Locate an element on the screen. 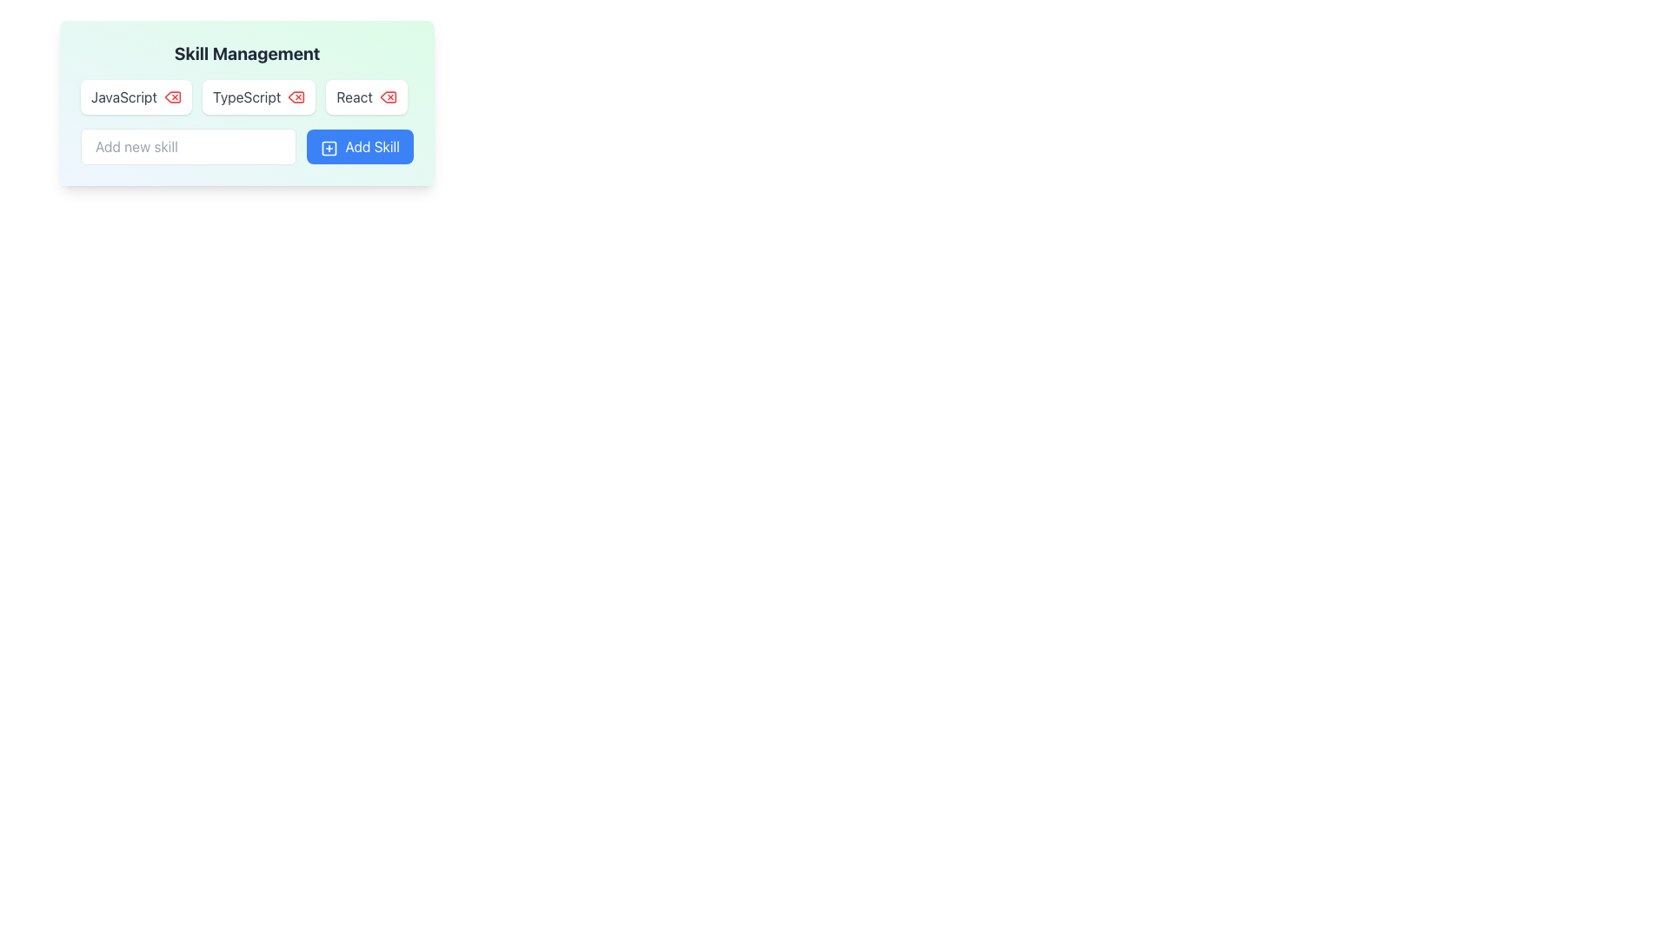 The height and width of the screenshot is (939, 1669). the 'Add Skill' button located in the 'Skill Management' section, positioned to the right of the 'Add new skill' input box is located at coordinates (359, 146).